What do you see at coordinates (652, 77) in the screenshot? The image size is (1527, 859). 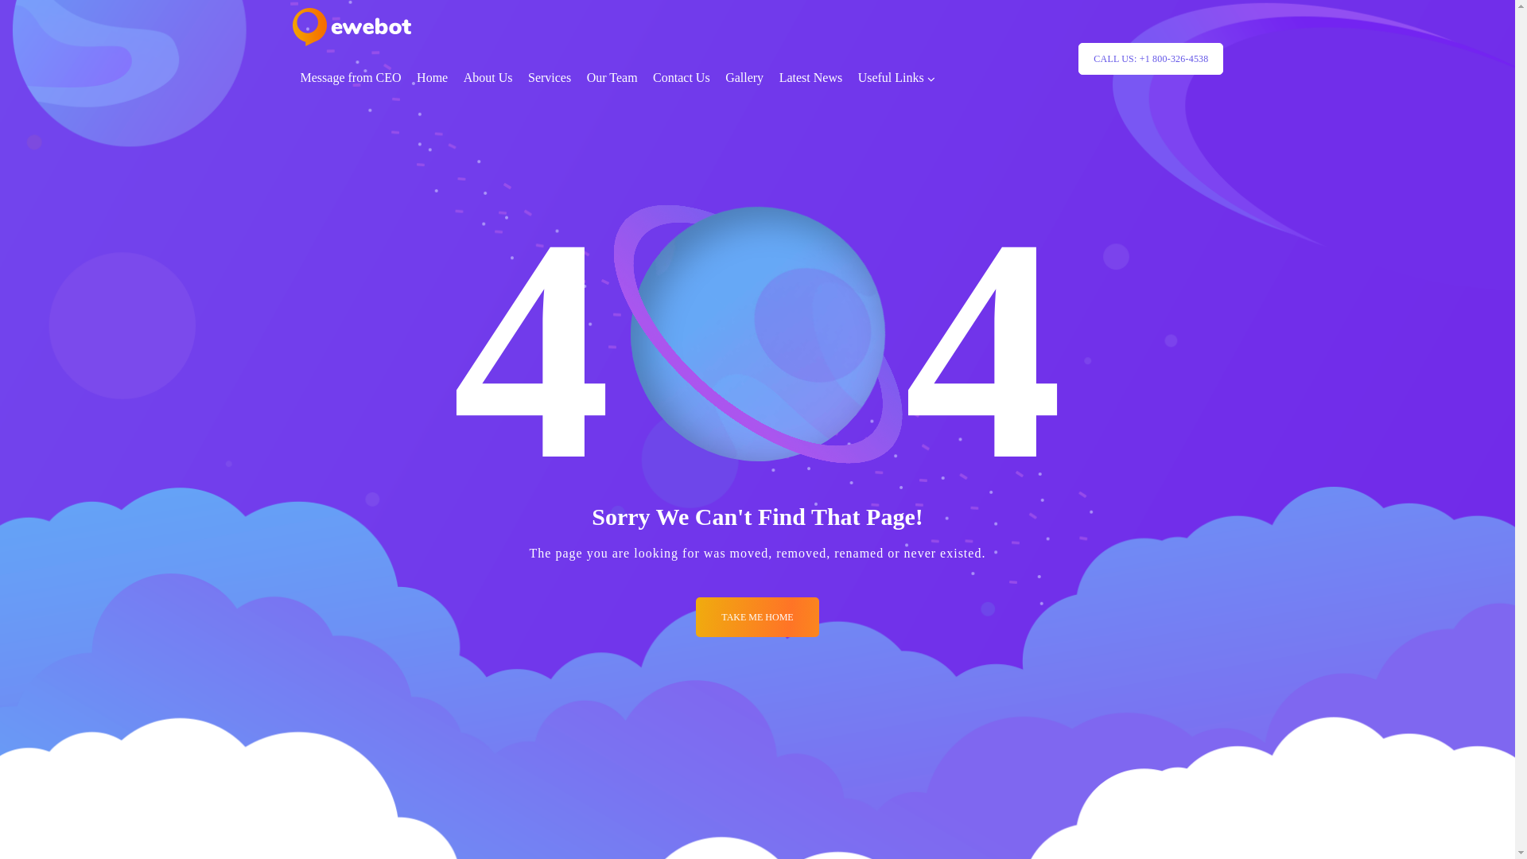 I see `'Contact Us'` at bounding box center [652, 77].